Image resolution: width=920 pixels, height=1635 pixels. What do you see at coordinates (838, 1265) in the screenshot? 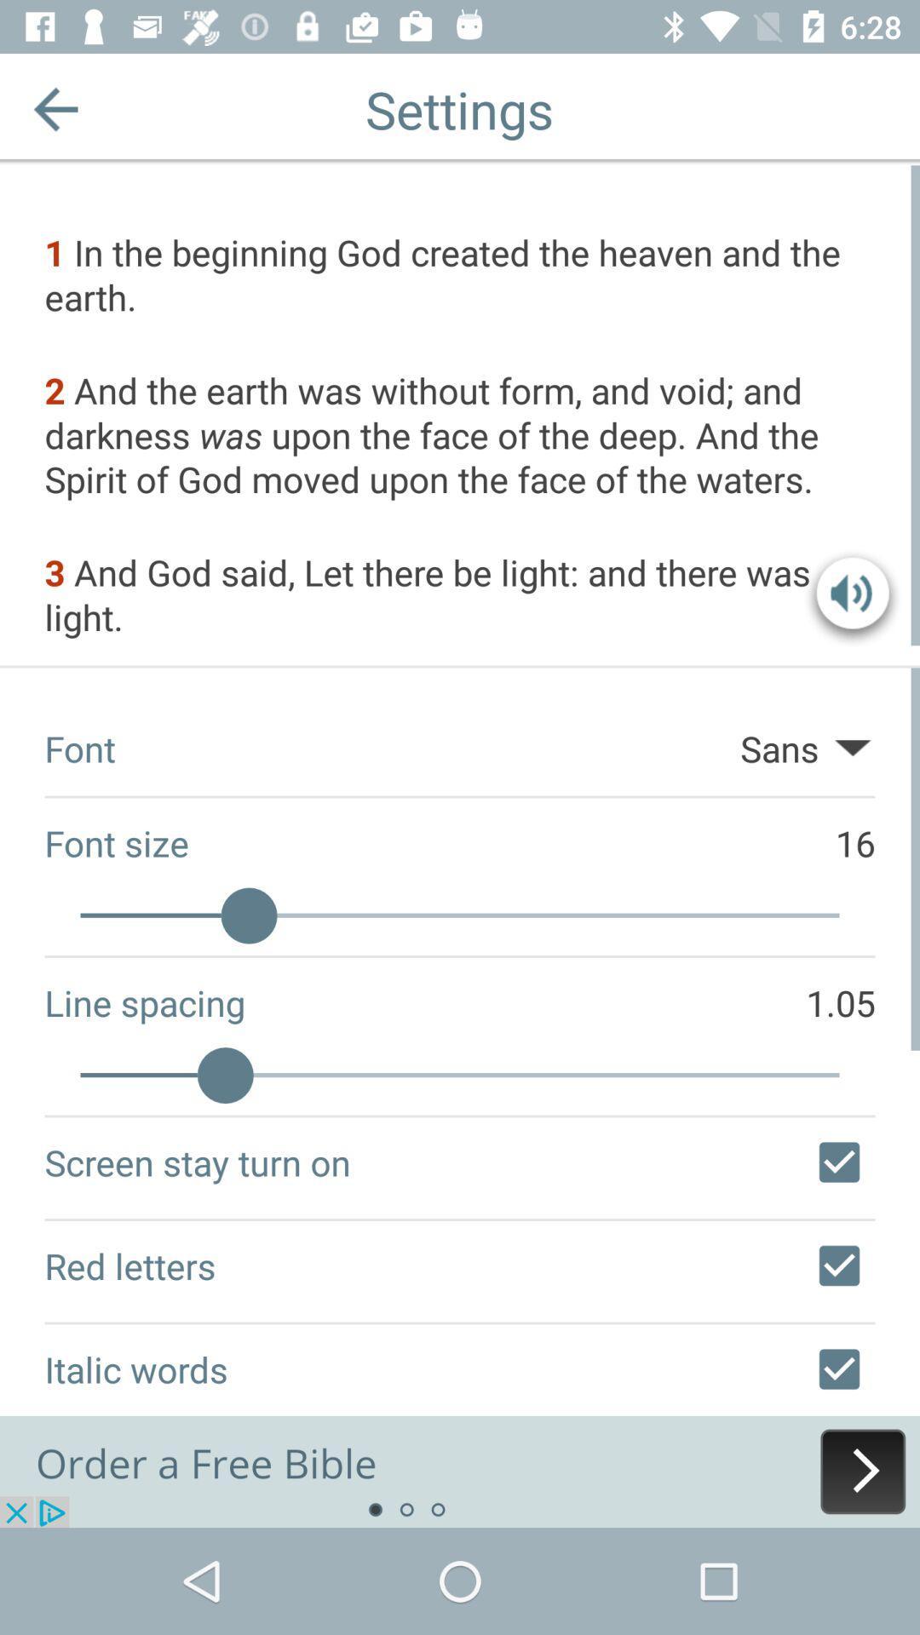
I see `unselect red letters` at bounding box center [838, 1265].